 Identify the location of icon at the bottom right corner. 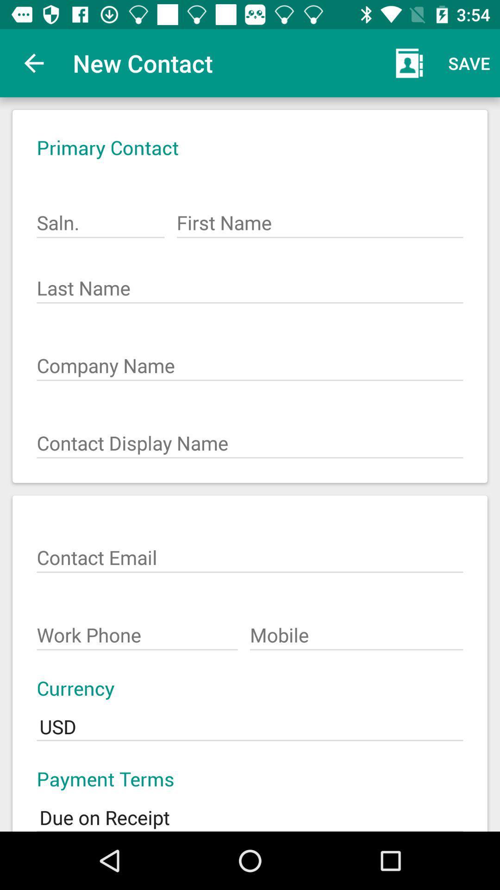
(356, 630).